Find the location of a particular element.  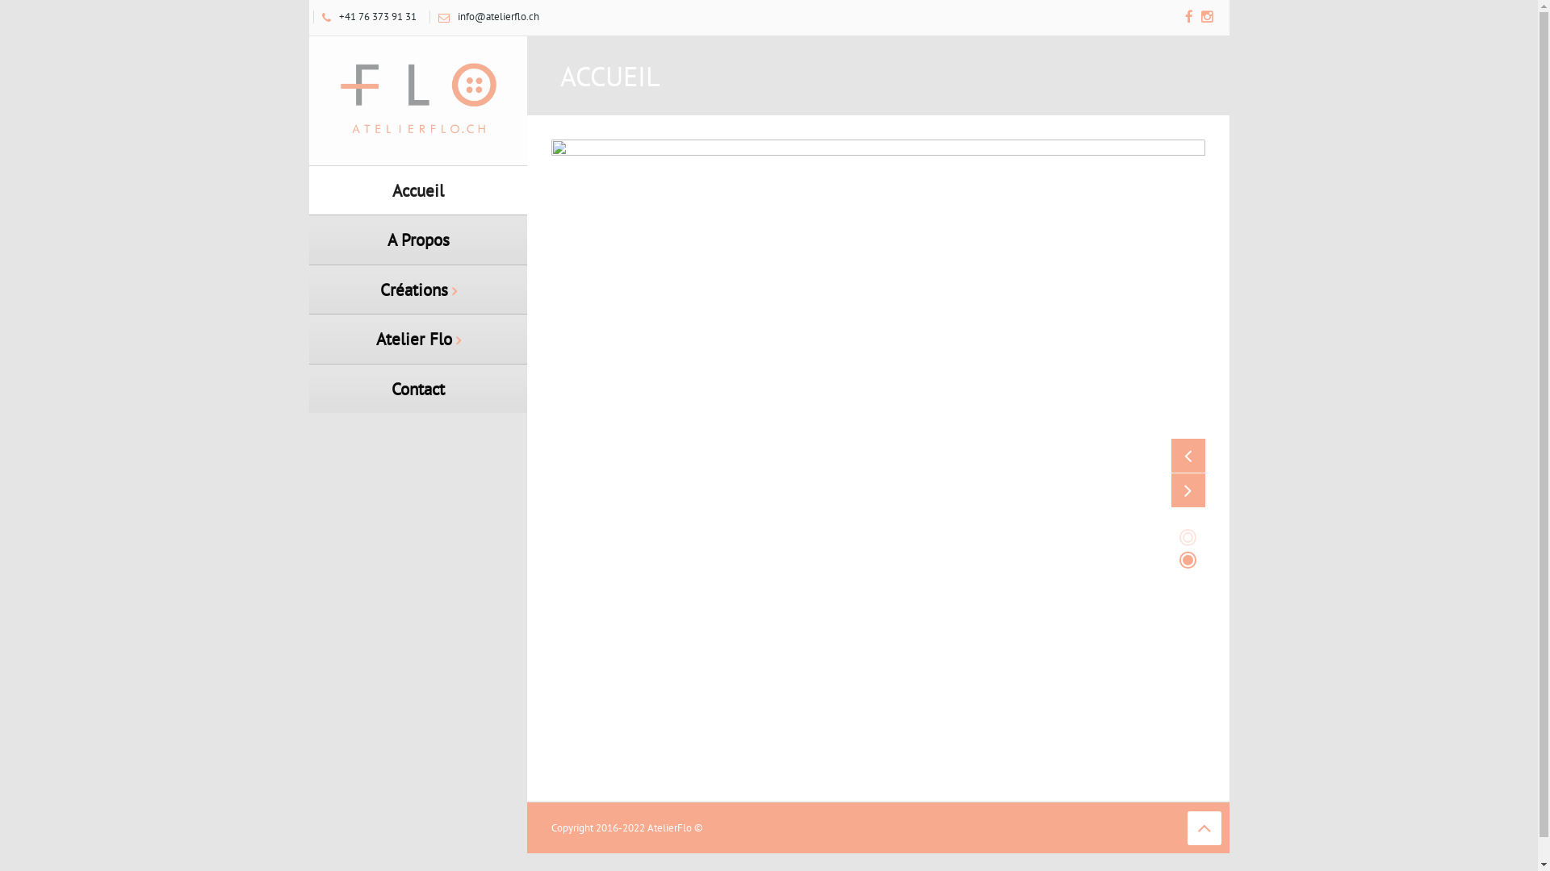

'Facebook' is located at coordinates (1189, 18).